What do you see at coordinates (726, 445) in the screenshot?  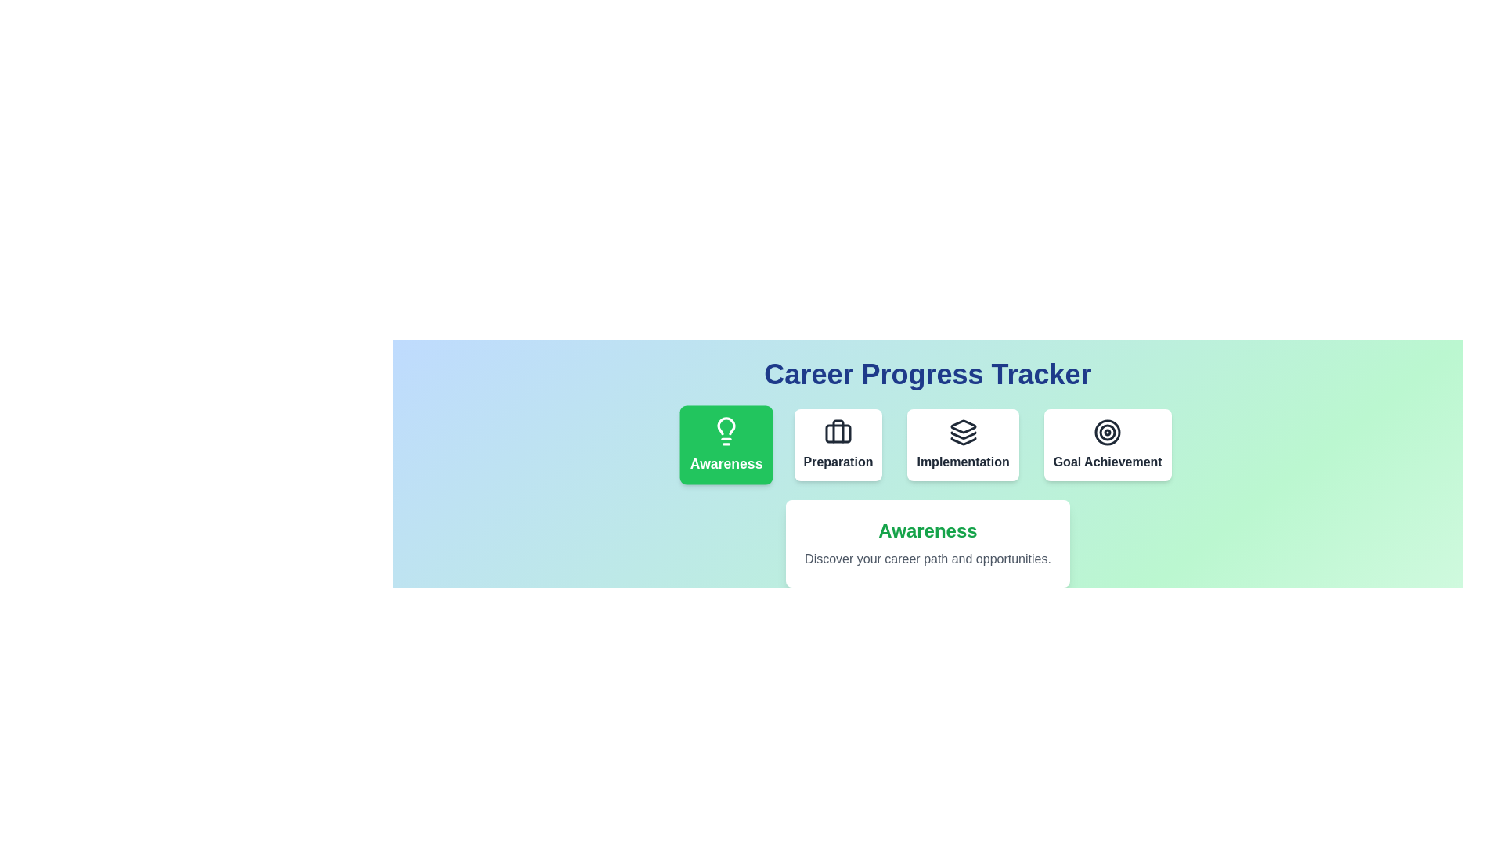 I see `the phase Awareness by clicking on its button` at bounding box center [726, 445].